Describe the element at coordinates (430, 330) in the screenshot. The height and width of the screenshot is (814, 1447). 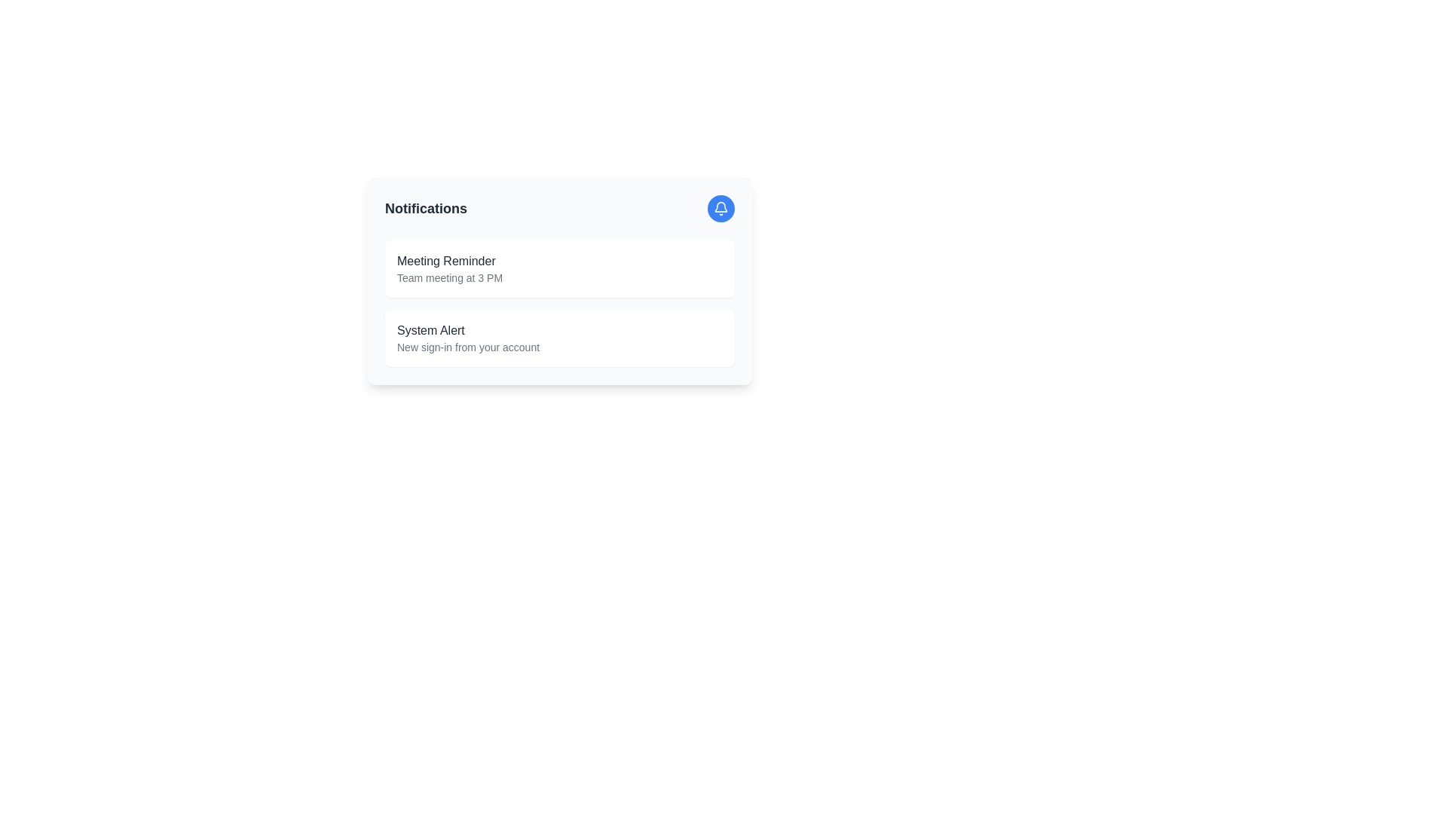
I see `the 'System Alert' text label, which is styled in gray and part of a notification card located in the upper section of the second notification in a vertically stacked list` at that location.